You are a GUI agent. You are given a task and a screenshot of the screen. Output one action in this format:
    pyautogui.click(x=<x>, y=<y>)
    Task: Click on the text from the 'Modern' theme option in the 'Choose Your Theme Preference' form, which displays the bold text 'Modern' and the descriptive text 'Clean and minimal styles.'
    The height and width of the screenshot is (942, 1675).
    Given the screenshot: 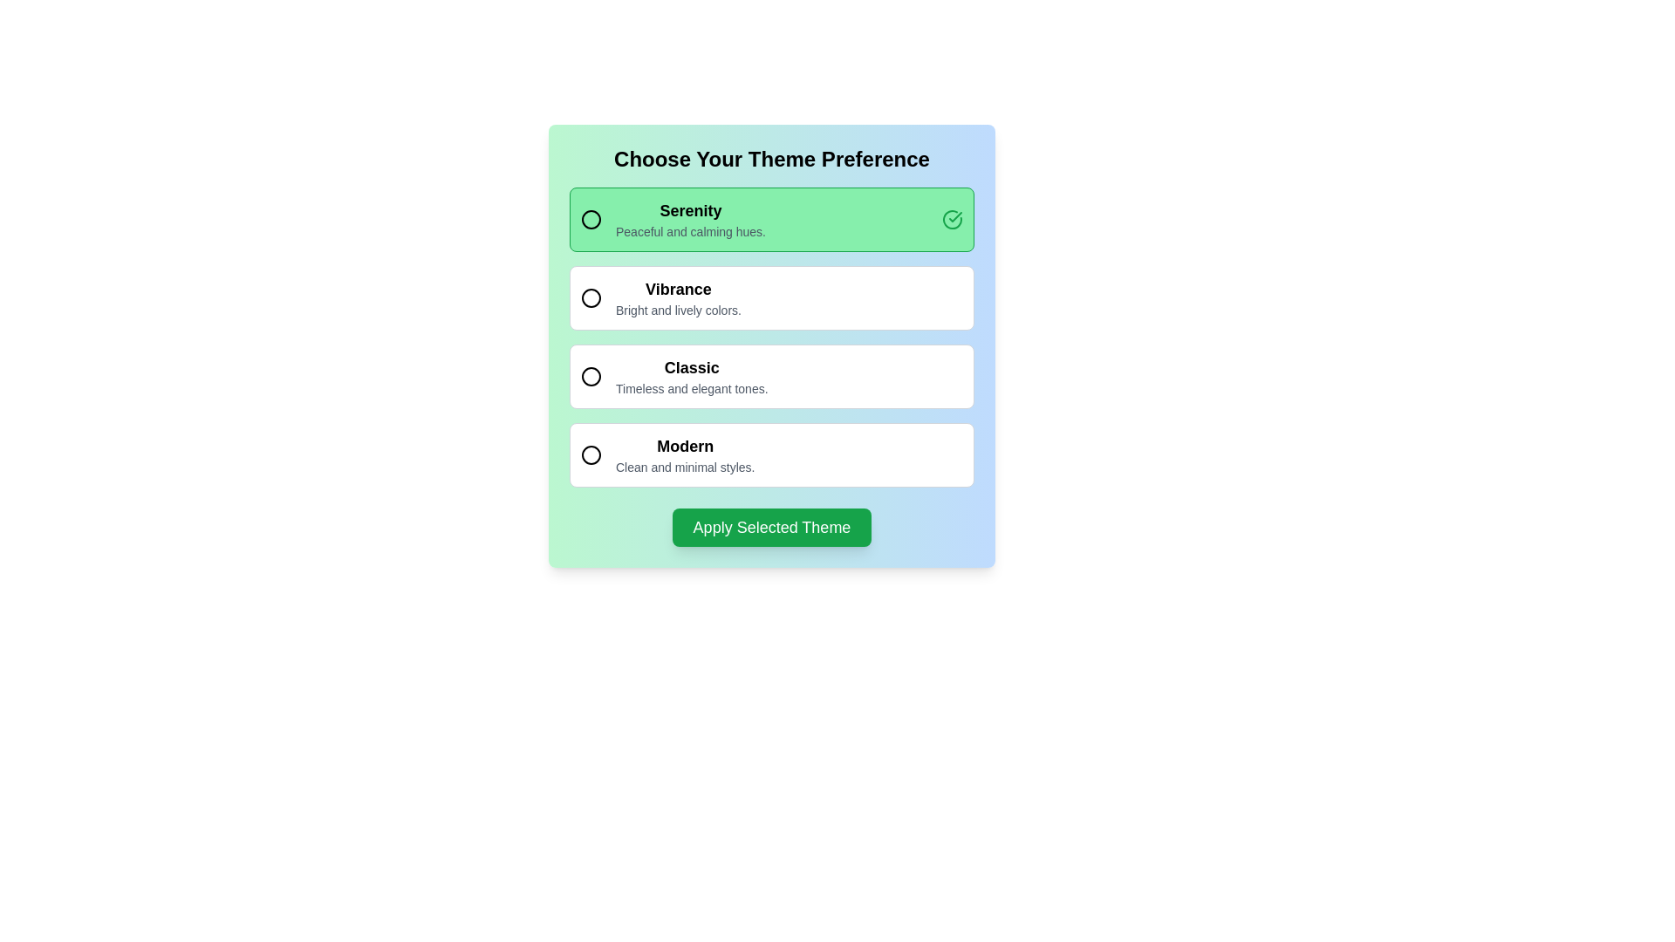 What is the action you would take?
    pyautogui.click(x=684, y=454)
    